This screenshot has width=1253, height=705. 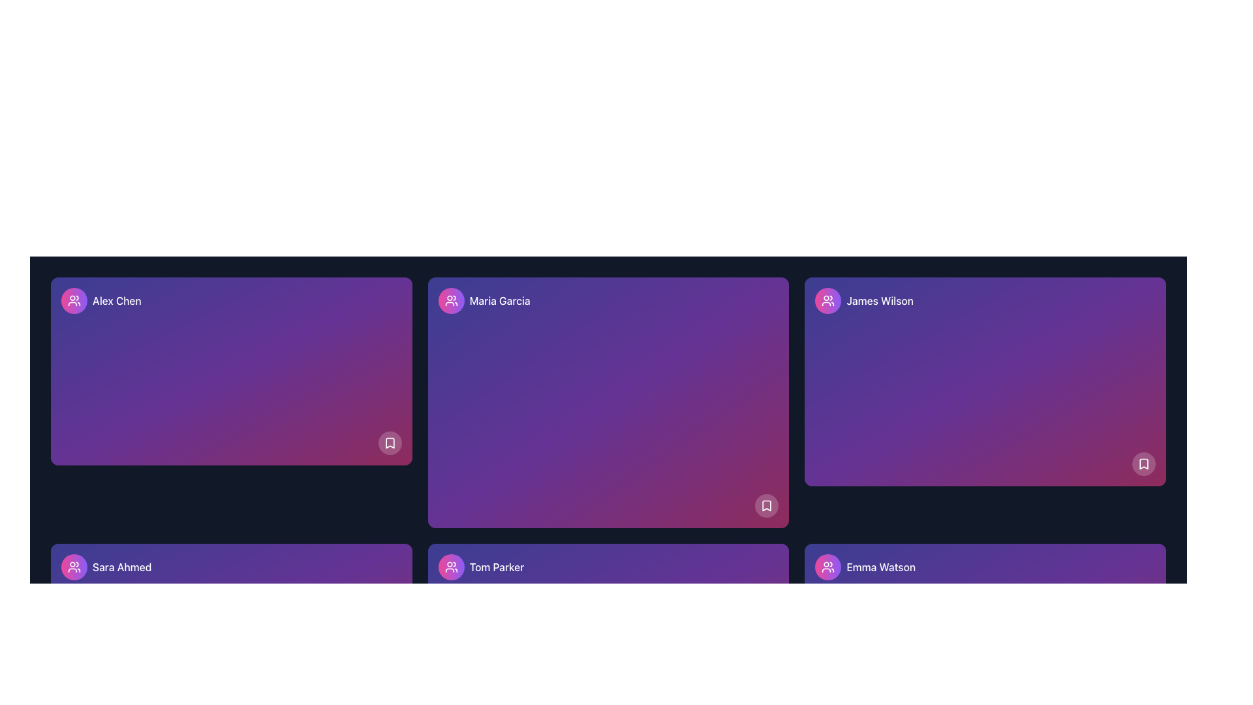 What do you see at coordinates (480, 566) in the screenshot?
I see `the card associated with the Text label located at the top-left corner of the card in the second row of the grid, for further actions` at bounding box center [480, 566].